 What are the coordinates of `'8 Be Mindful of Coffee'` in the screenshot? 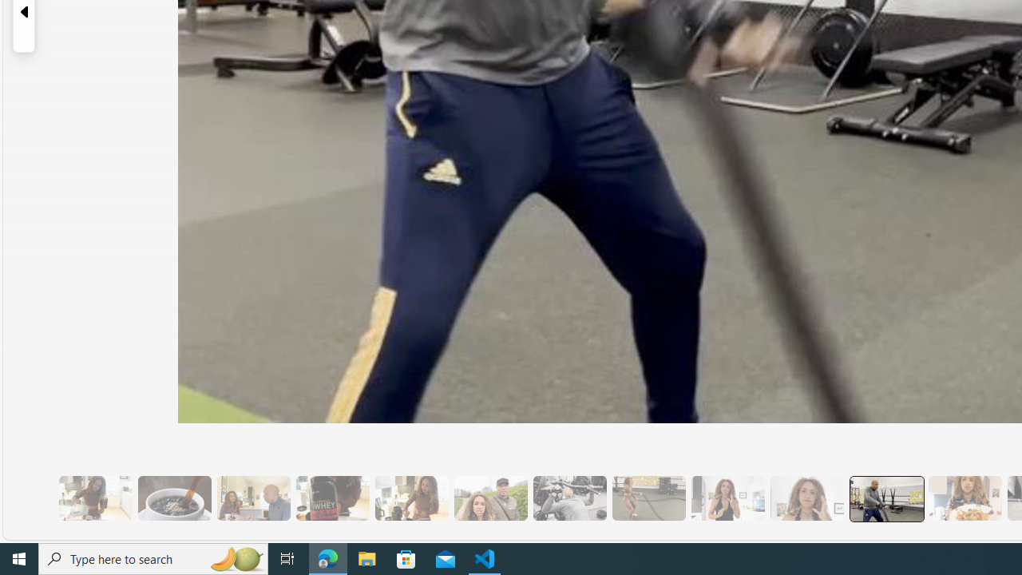 It's located at (174, 498).